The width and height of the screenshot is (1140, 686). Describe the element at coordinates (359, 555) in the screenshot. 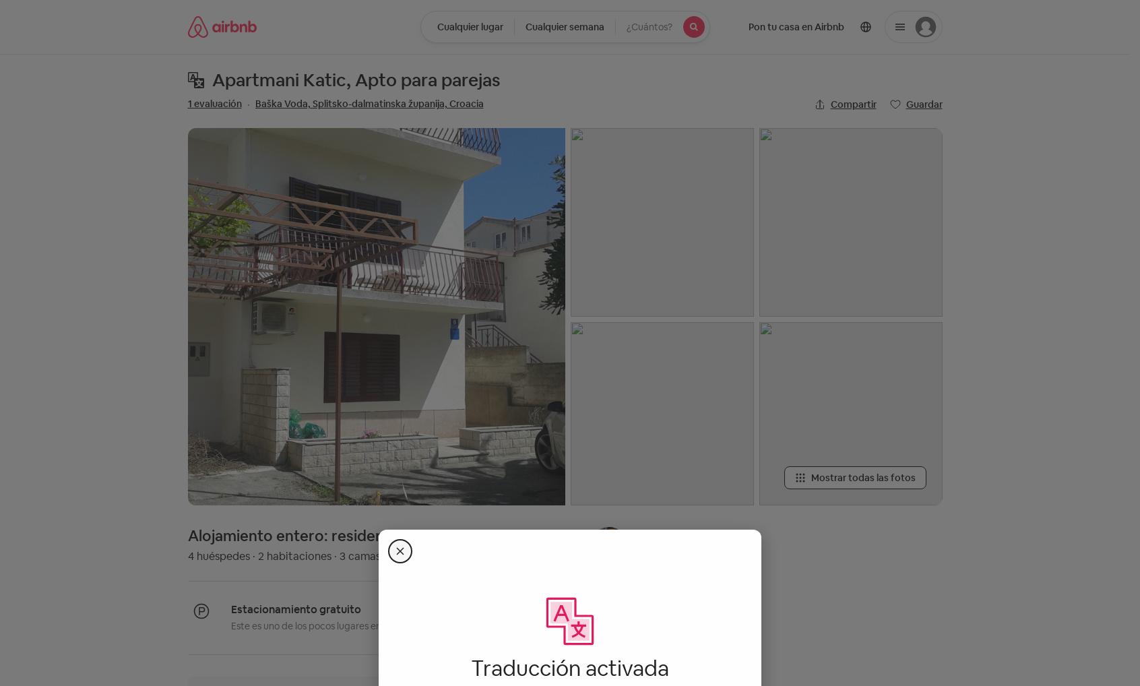

I see `'3 camas'` at that location.